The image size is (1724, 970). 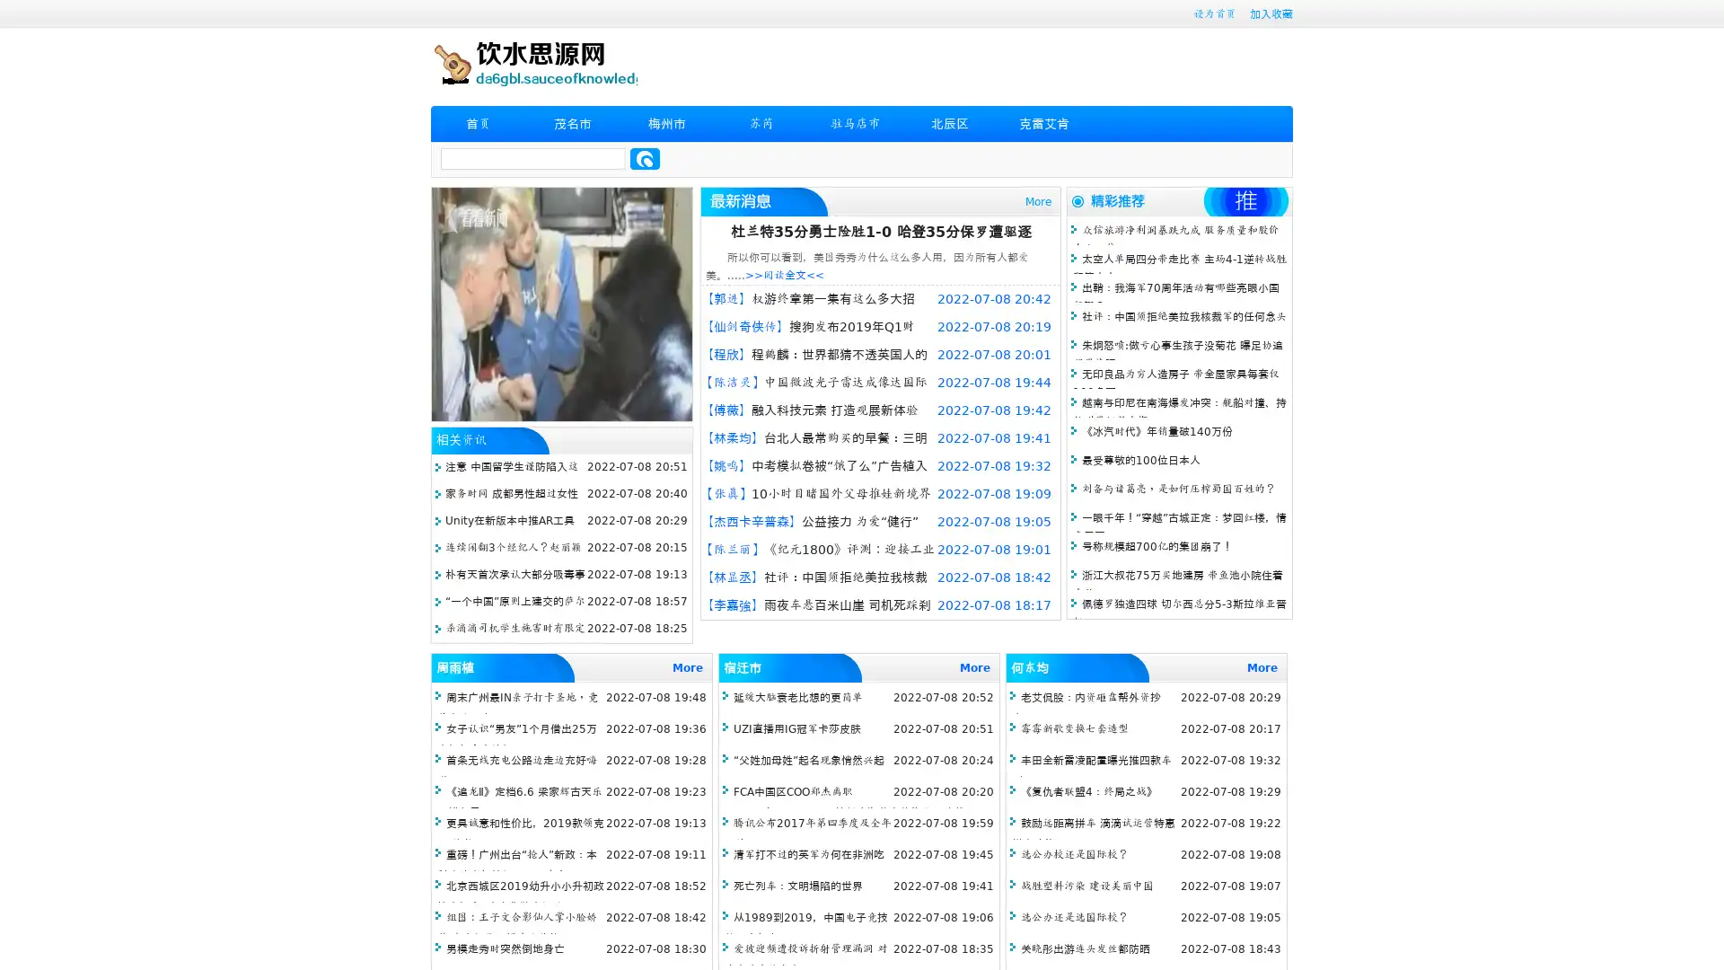 I want to click on Search, so click(x=645, y=158).